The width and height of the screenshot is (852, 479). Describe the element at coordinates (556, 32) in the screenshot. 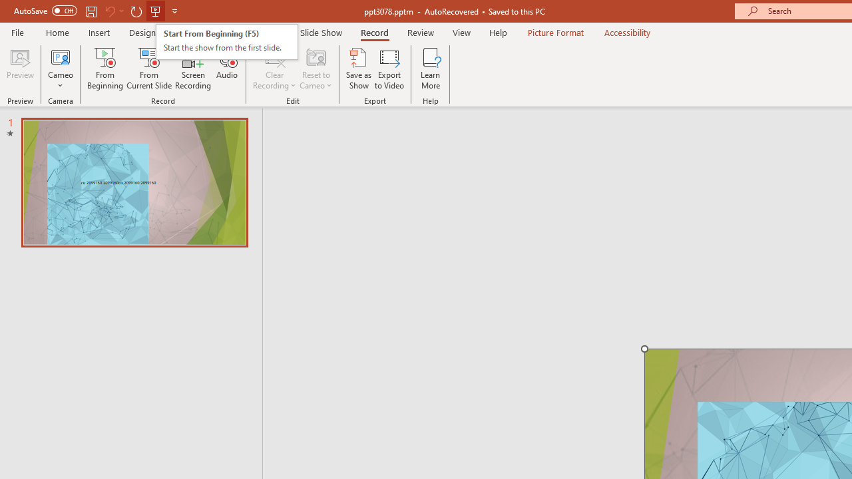

I see `'Picture Format'` at that location.